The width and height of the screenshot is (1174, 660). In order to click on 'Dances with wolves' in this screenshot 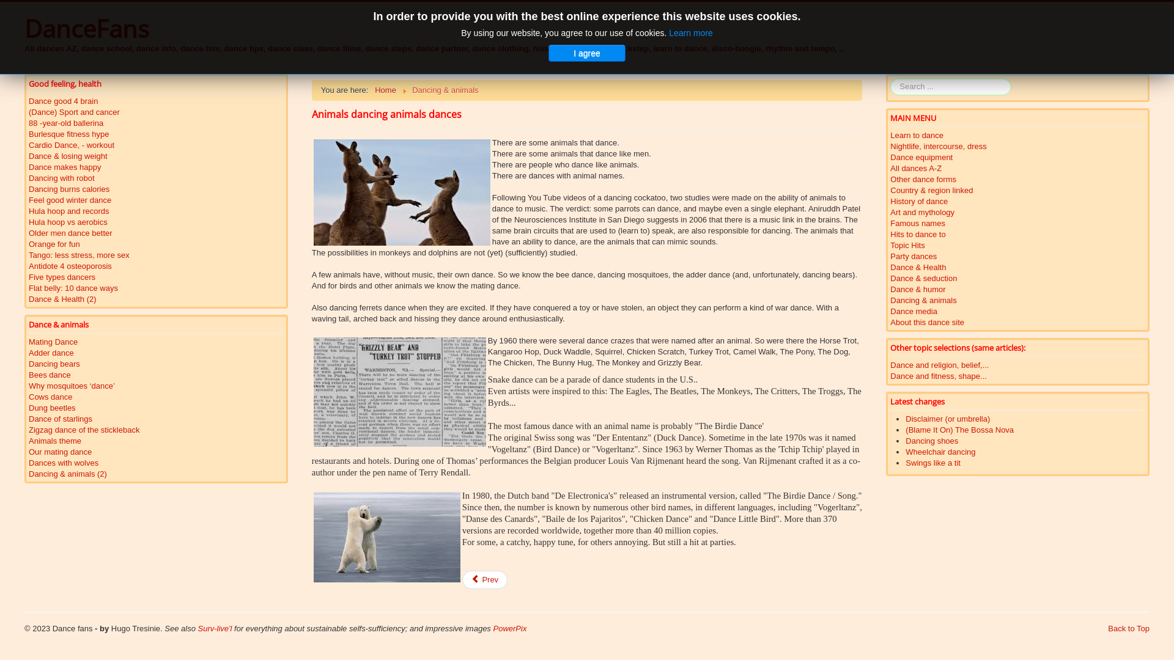, I will do `click(29, 463)`.